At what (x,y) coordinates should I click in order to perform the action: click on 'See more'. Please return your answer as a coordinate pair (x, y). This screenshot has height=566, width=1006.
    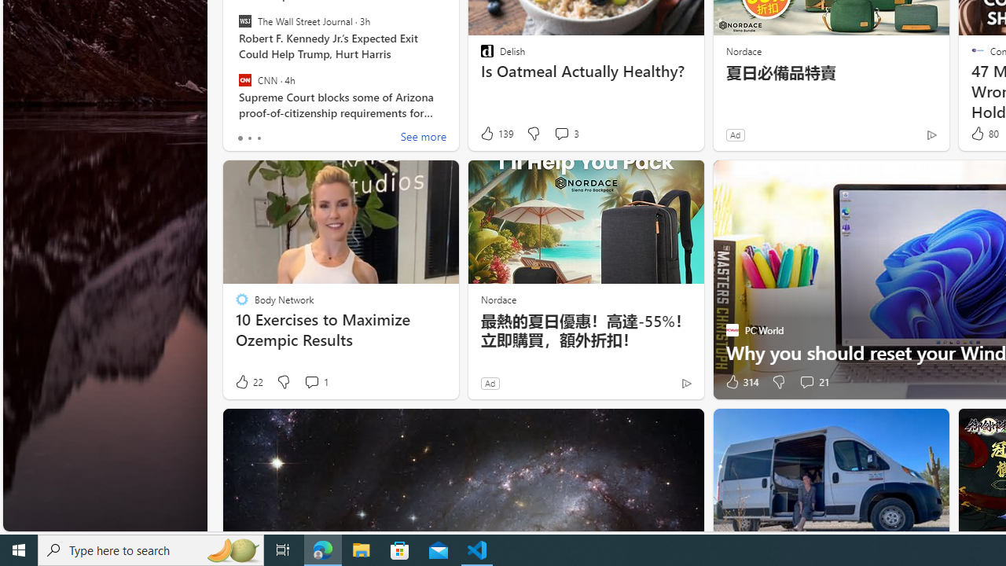
    Looking at the image, I should click on (423, 138).